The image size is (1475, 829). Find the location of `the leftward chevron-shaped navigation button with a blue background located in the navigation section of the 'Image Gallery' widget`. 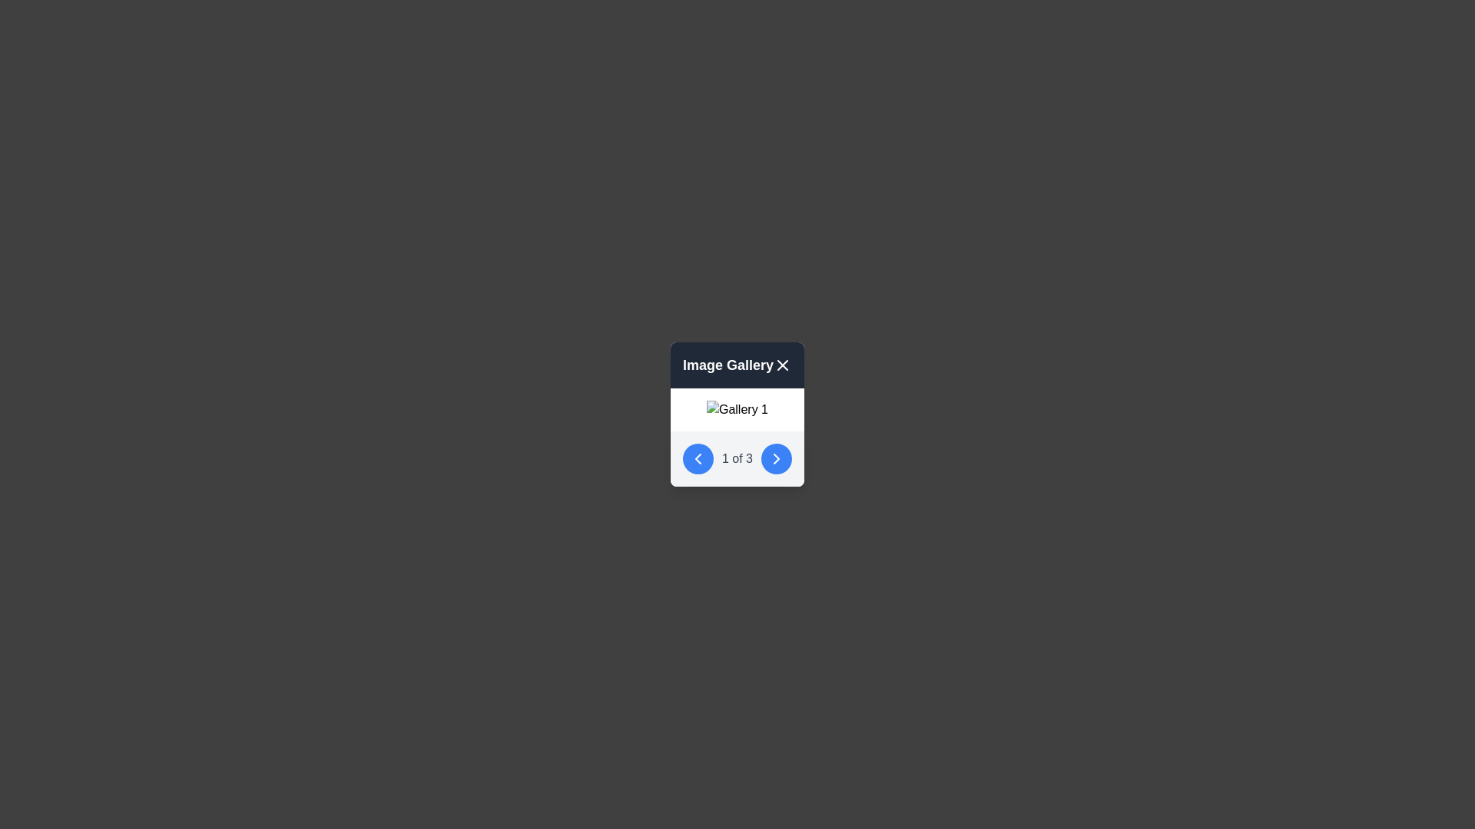

the leftward chevron-shaped navigation button with a blue background located in the navigation section of the 'Image Gallery' widget is located at coordinates (697, 457).